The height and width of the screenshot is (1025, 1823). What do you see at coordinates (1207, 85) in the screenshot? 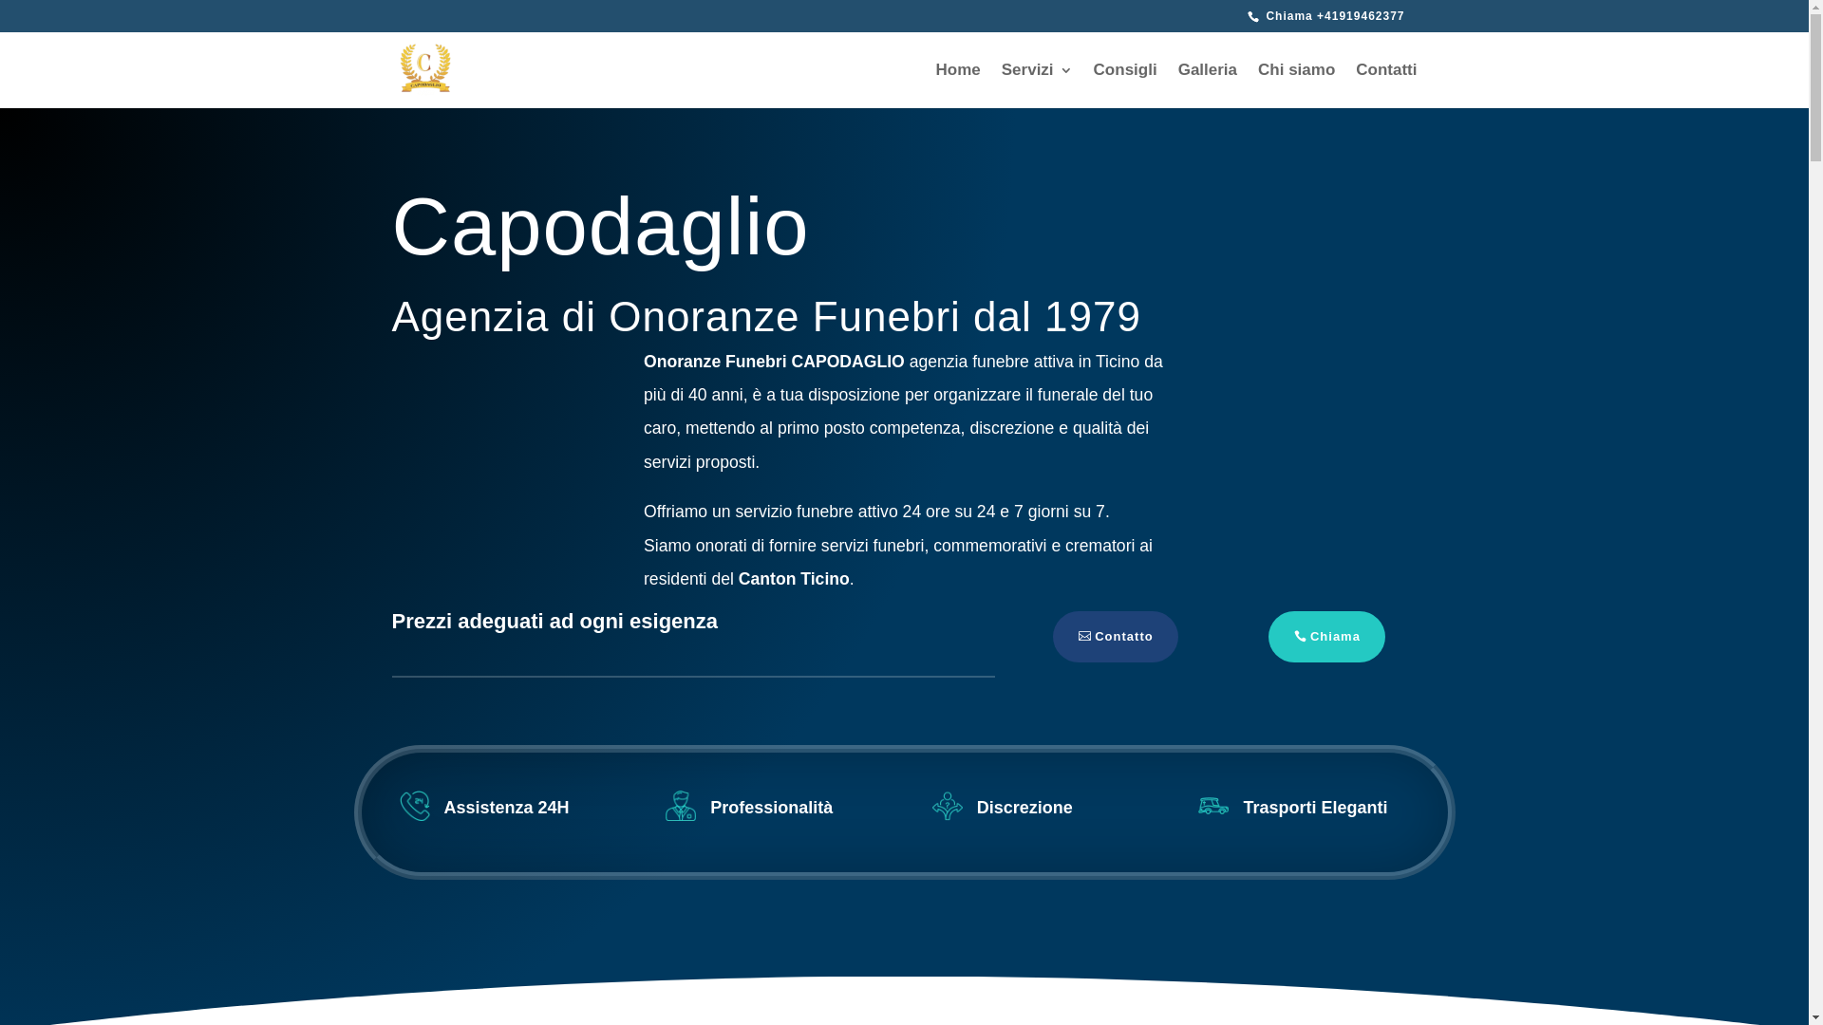
I see `'Galleria'` at bounding box center [1207, 85].